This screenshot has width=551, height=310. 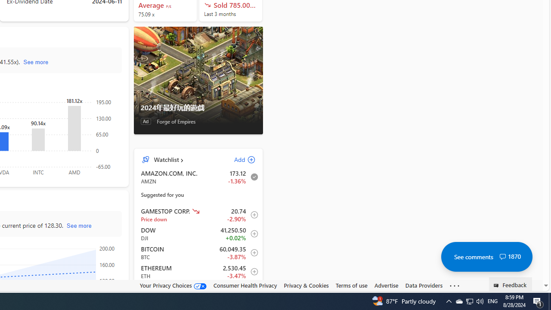 What do you see at coordinates (306, 285) in the screenshot?
I see `'Privacy & Cookies'` at bounding box center [306, 285].